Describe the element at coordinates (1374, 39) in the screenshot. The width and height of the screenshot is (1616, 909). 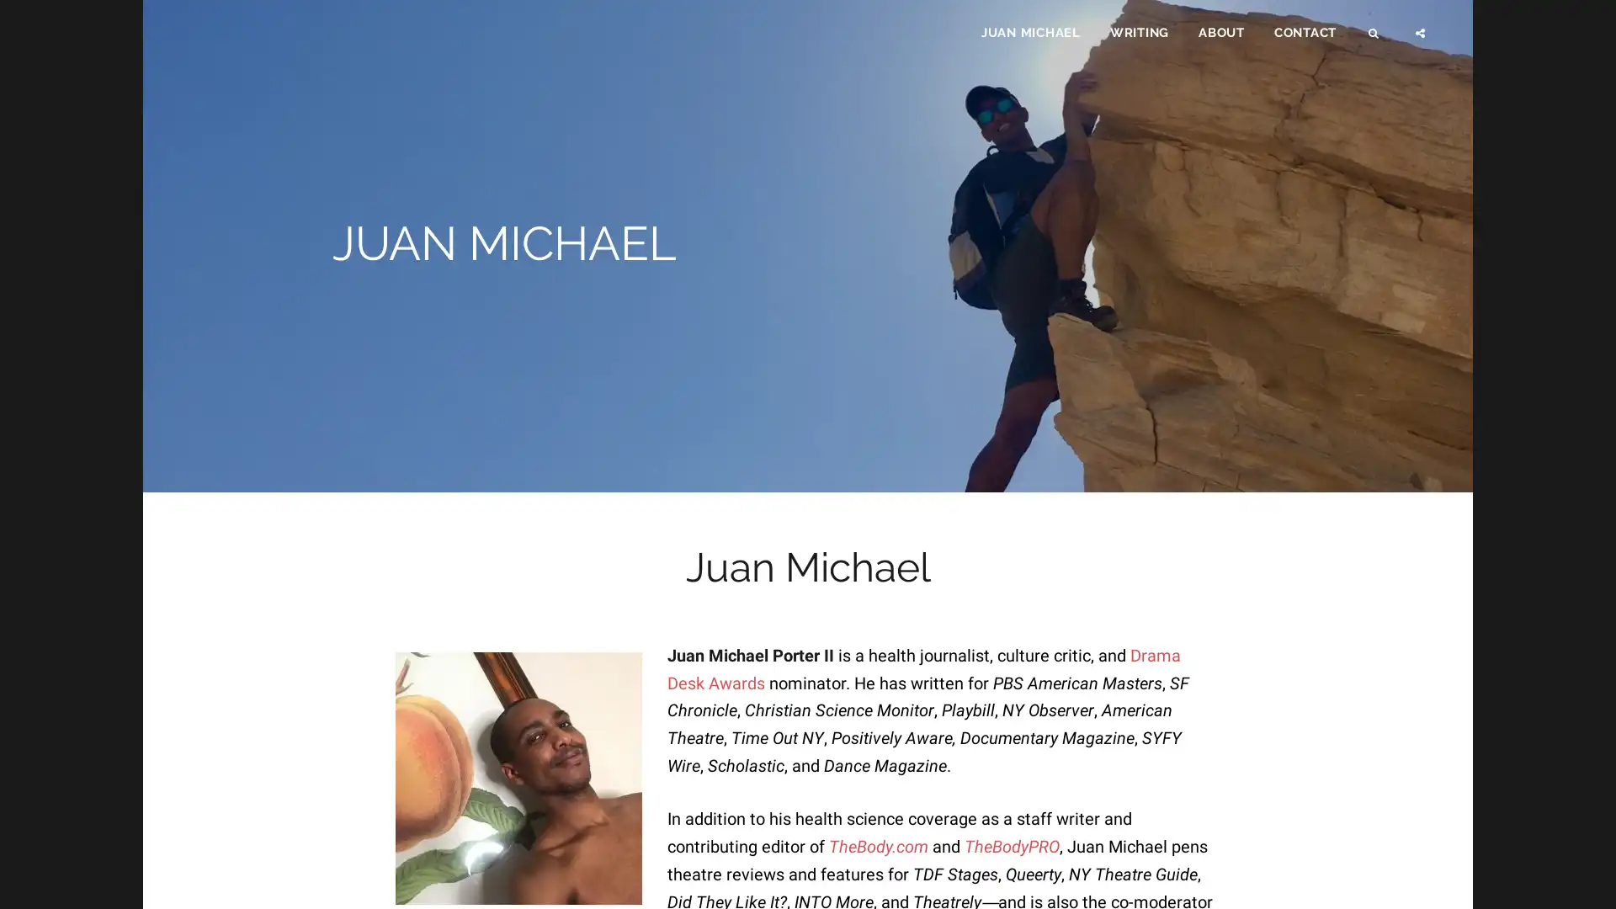
I see `SEARCH` at that location.